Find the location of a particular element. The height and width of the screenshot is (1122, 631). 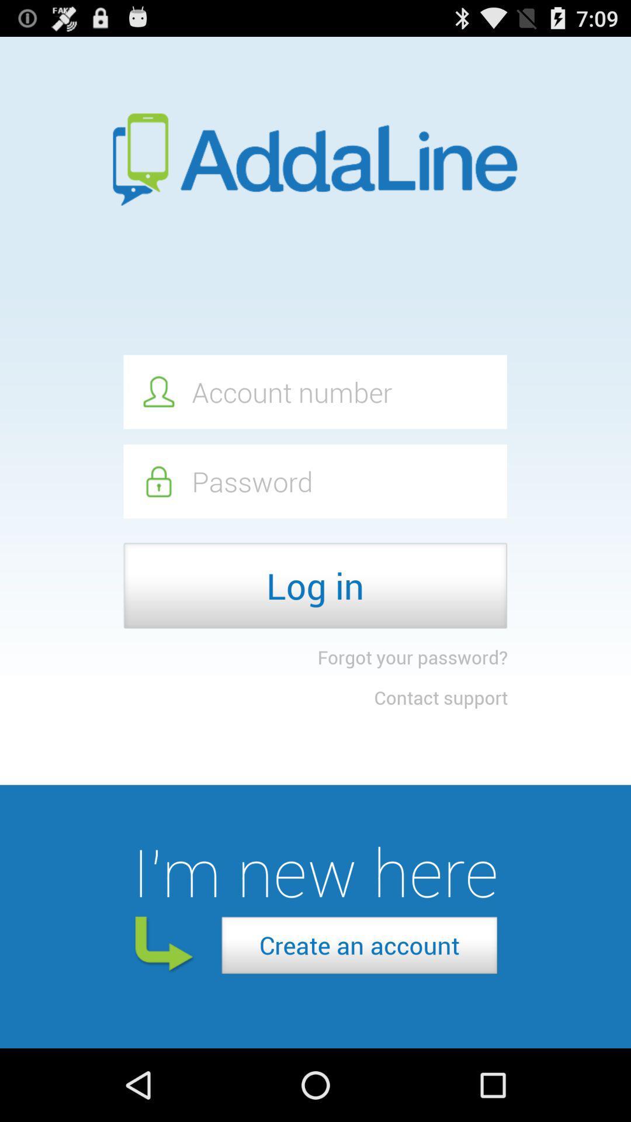

the log in is located at coordinates (314, 586).